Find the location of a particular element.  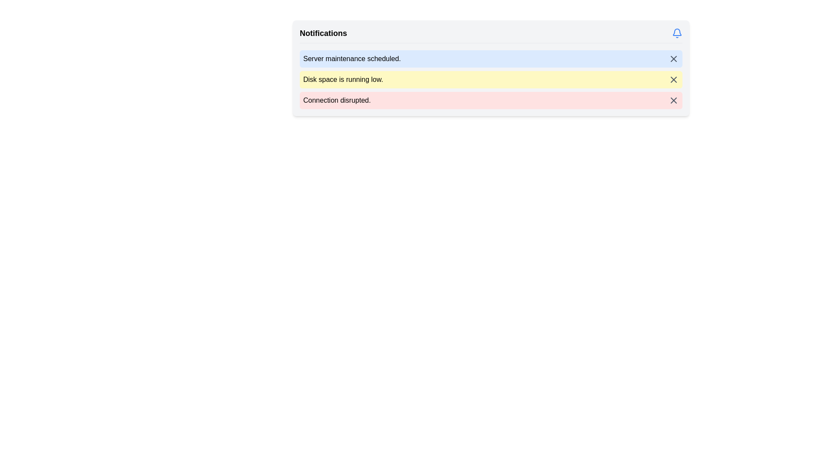

the Close button (X icon) located at the far right of the 'Server maintenance scheduled' notification panel to change its color is located at coordinates (673, 58).